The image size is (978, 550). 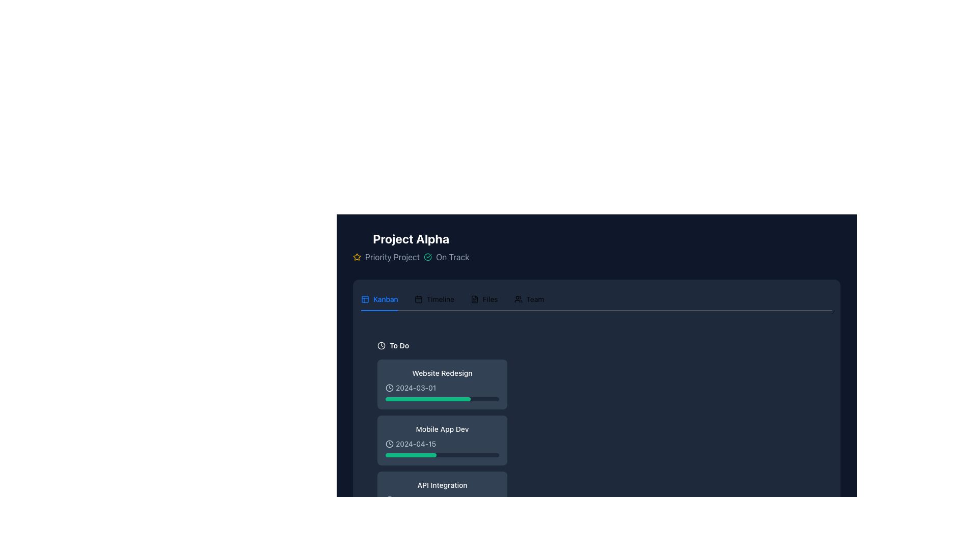 What do you see at coordinates (452, 298) in the screenshot?
I see `the 'Timeline' tab in the navigation bar` at bounding box center [452, 298].